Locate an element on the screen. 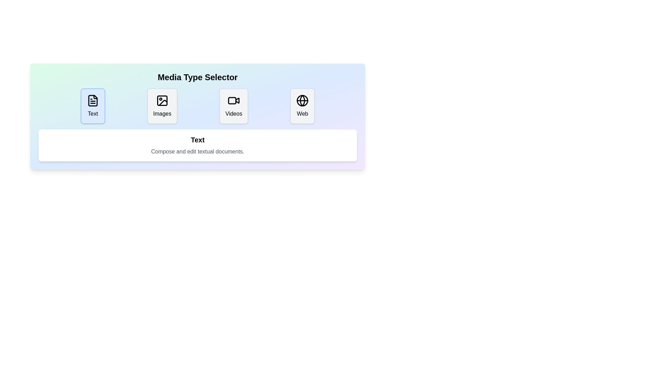 Image resolution: width=666 pixels, height=375 pixels. the 'Images' selection icon within the media type selector interface is located at coordinates (162, 100).